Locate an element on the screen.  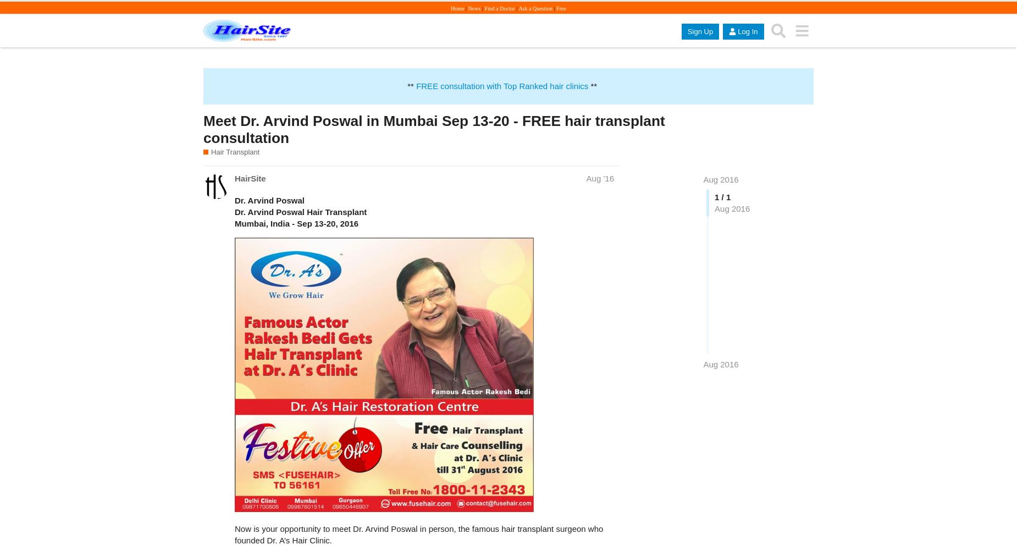
'Log In' is located at coordinates (747, 31).